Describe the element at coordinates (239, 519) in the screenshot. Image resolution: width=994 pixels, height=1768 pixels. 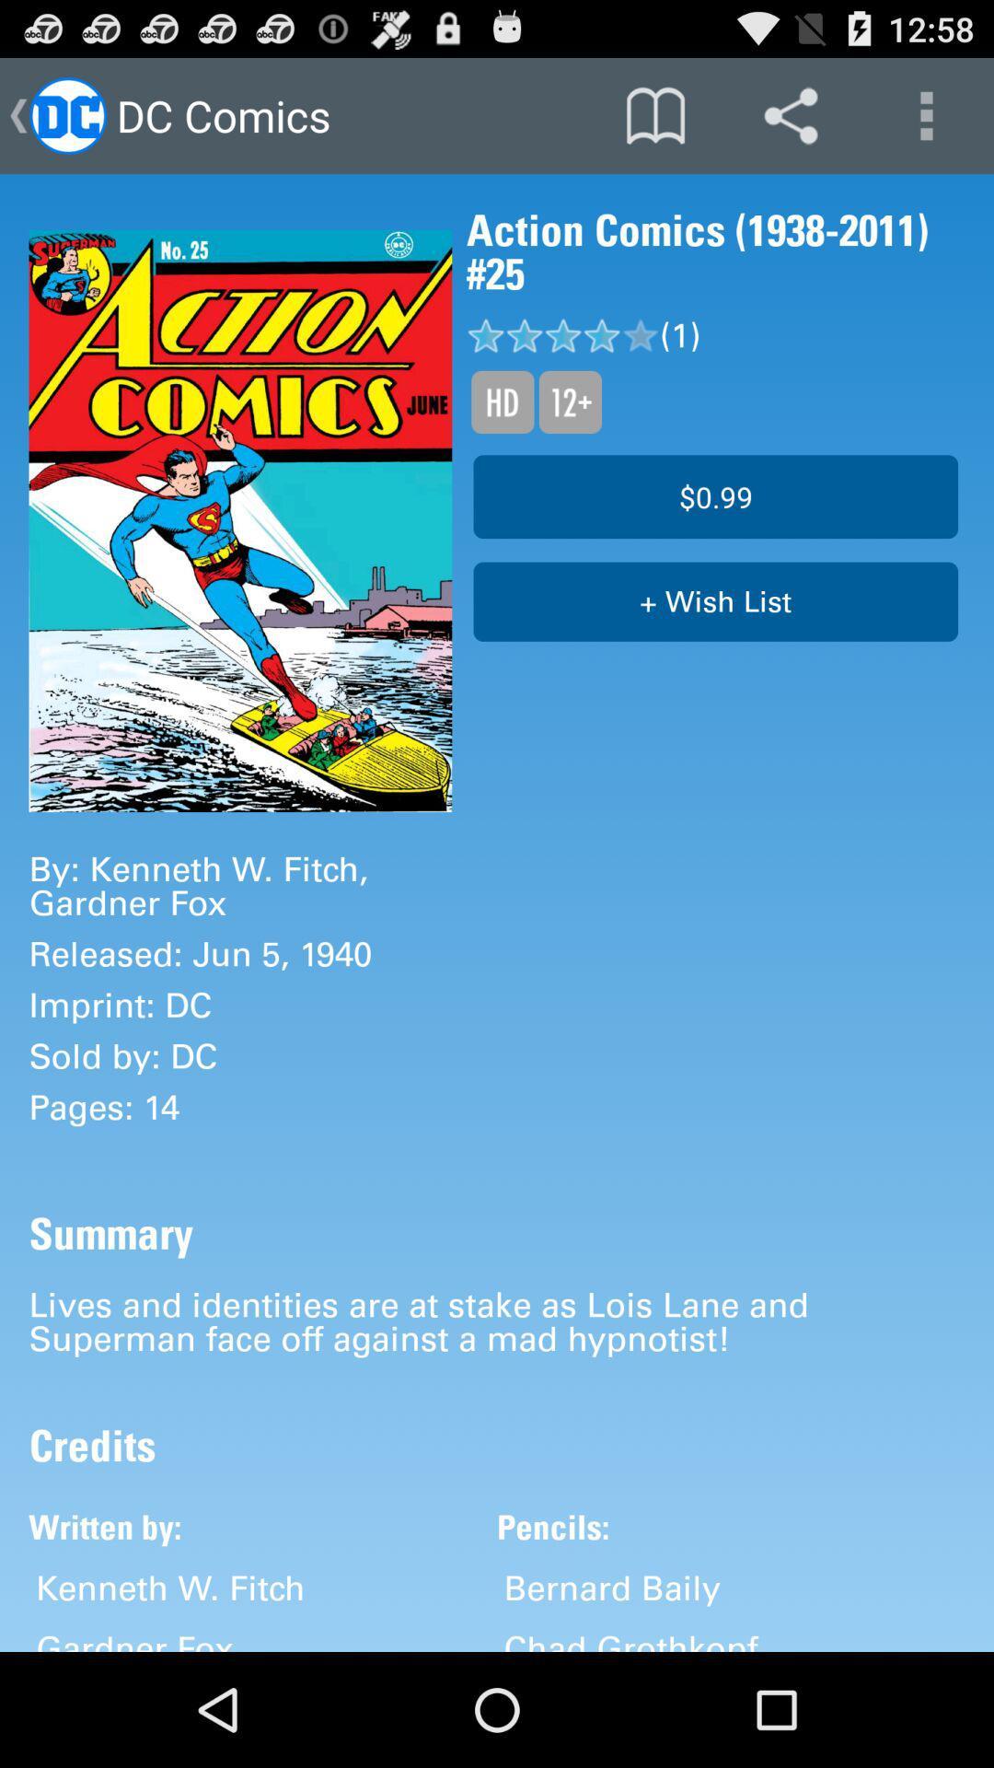
I see `icon above by kenneth w icon` at that location.